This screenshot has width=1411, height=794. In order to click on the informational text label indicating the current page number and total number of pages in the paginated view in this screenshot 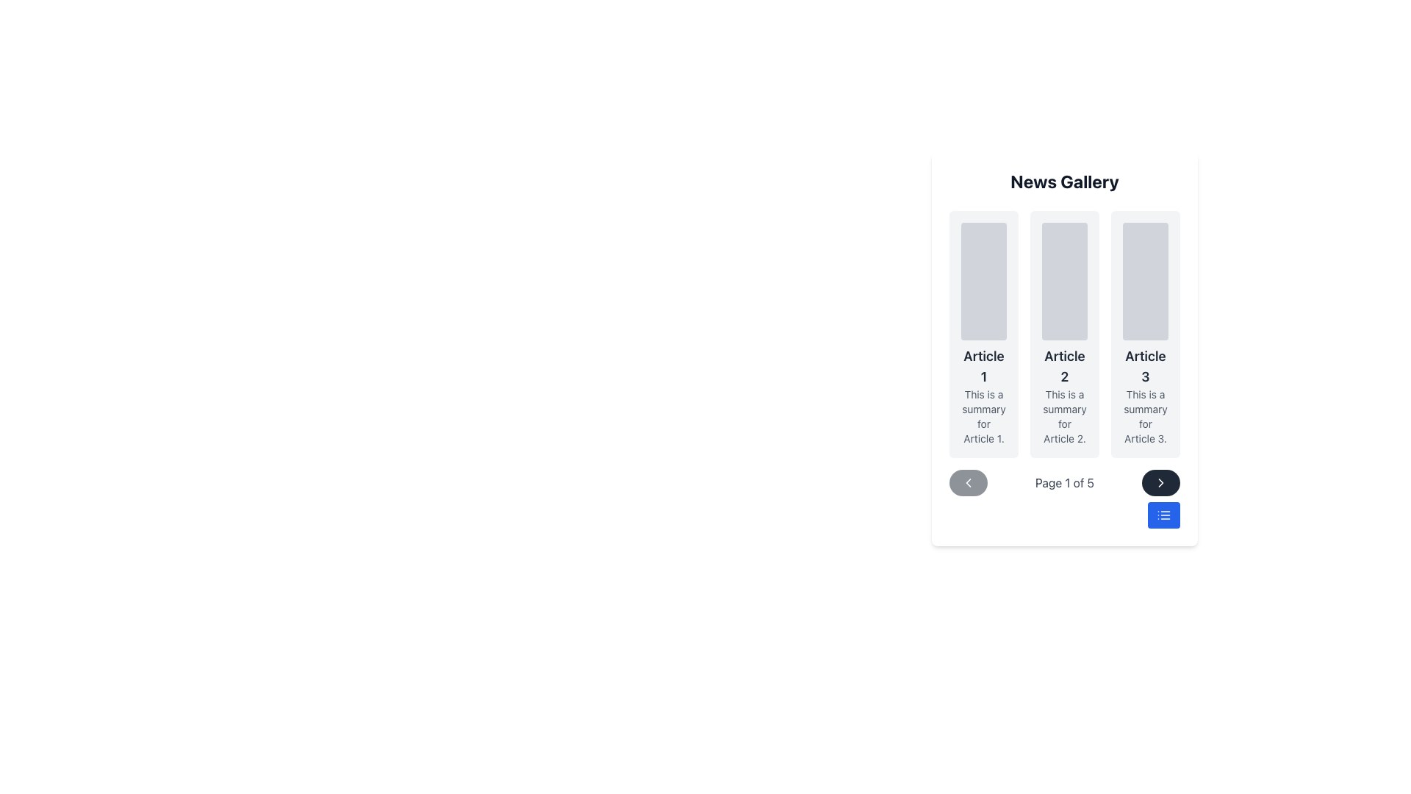, I will do `click(1065, 482)`.